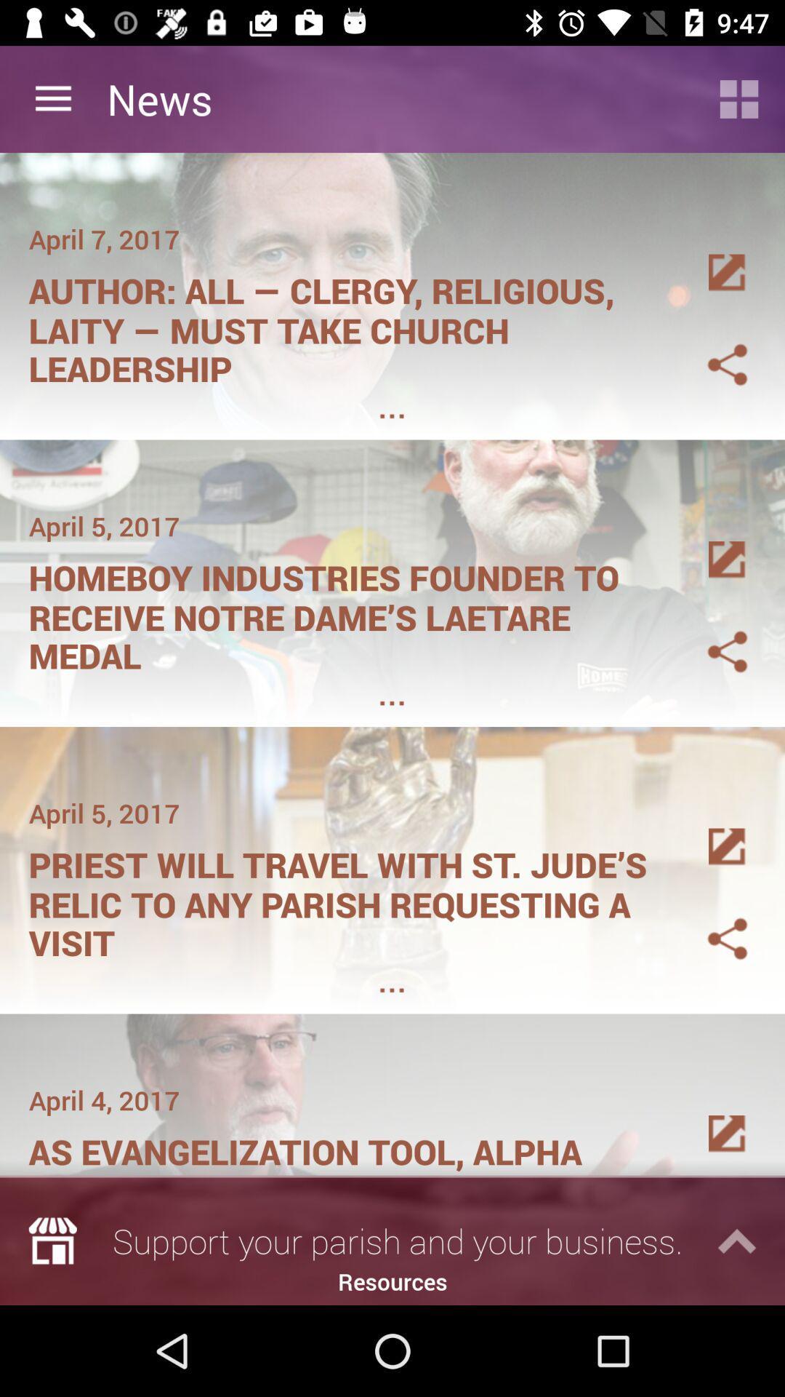  Describe the element at coordinates (347, 324) in the screenshot. I see `the author all clergy icon` at that location.